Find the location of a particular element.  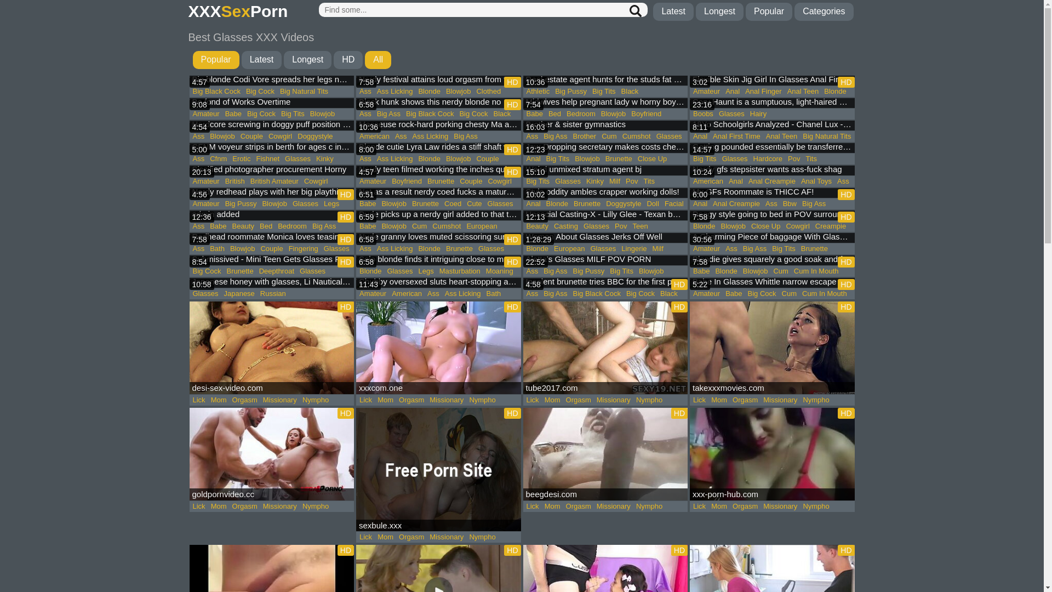

'Big Black Cock' is located at coordinates (216, 90).